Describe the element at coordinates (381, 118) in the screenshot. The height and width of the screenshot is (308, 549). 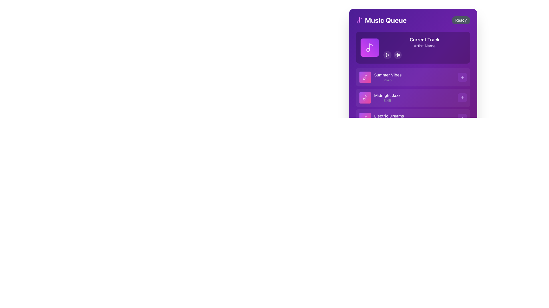
I see `to select the song item titled 'Electric Dreams' with a duration of '3:45', which is the last item in the 'Music Queue' section` at that location.